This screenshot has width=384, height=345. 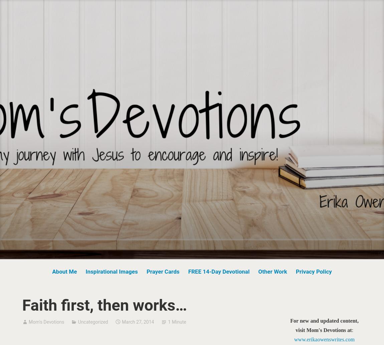 I want to click on 'Mom's Devotions', so click(x=28, y=321).